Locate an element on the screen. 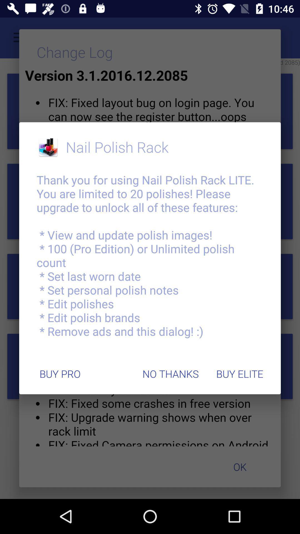 This screenshot has height=534, width=300. icon at the bottom right corner is located at coordinates (239, 374).